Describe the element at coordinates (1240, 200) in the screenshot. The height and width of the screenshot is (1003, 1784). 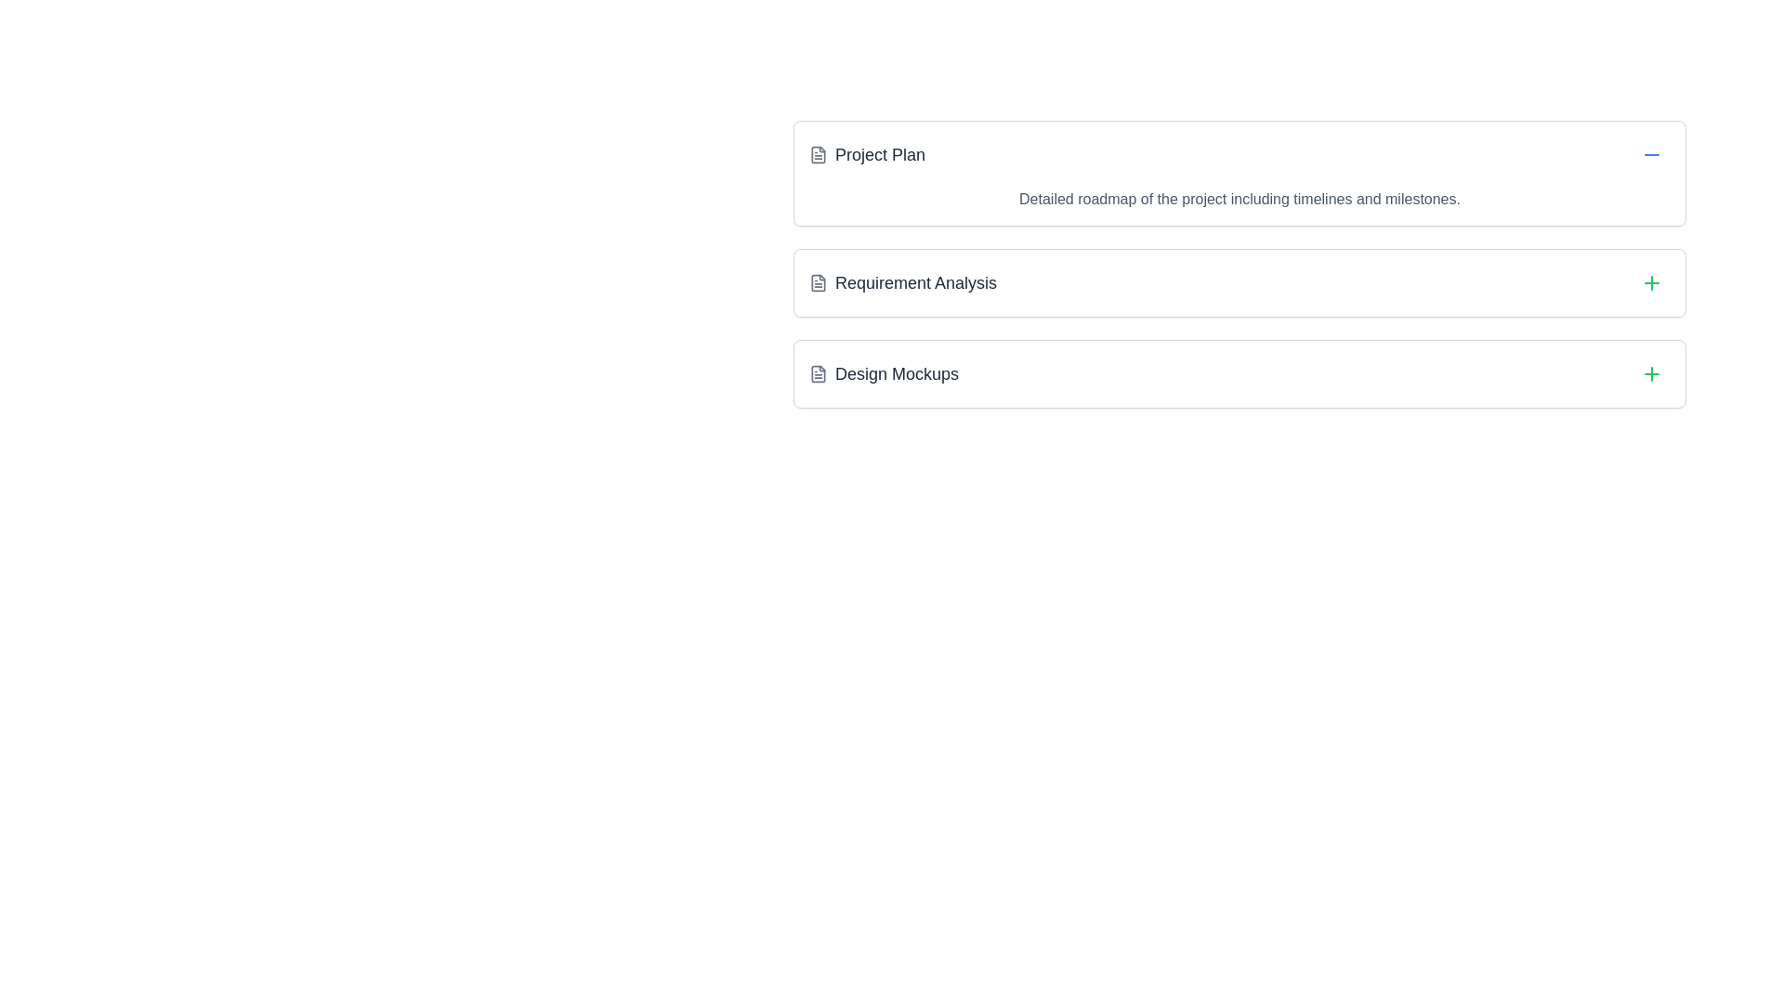
I see `the text block stating 'Detailed roadmap of the project including timelines and milestones.' located beneath the header 'Project Plan'` at that location.